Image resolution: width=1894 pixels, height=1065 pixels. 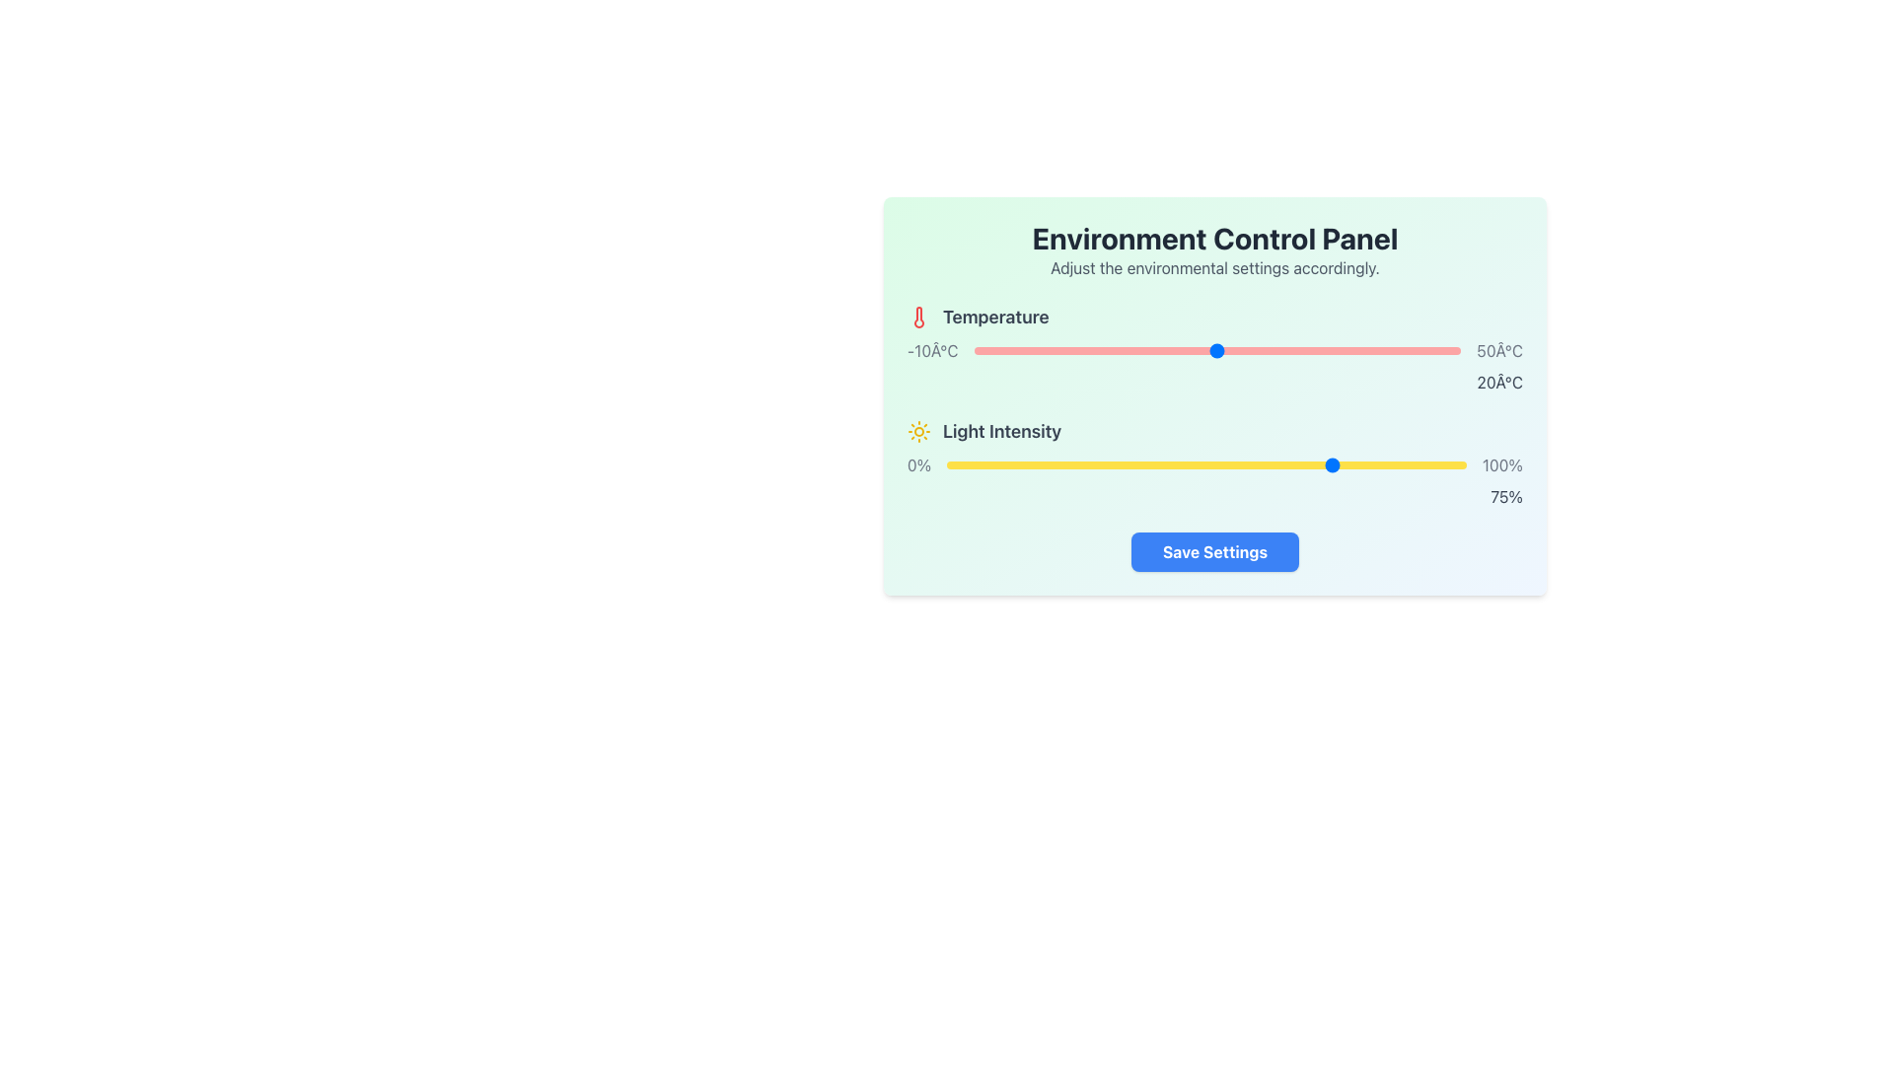 I want to click on light intensity, so click(x=1418, y=464).